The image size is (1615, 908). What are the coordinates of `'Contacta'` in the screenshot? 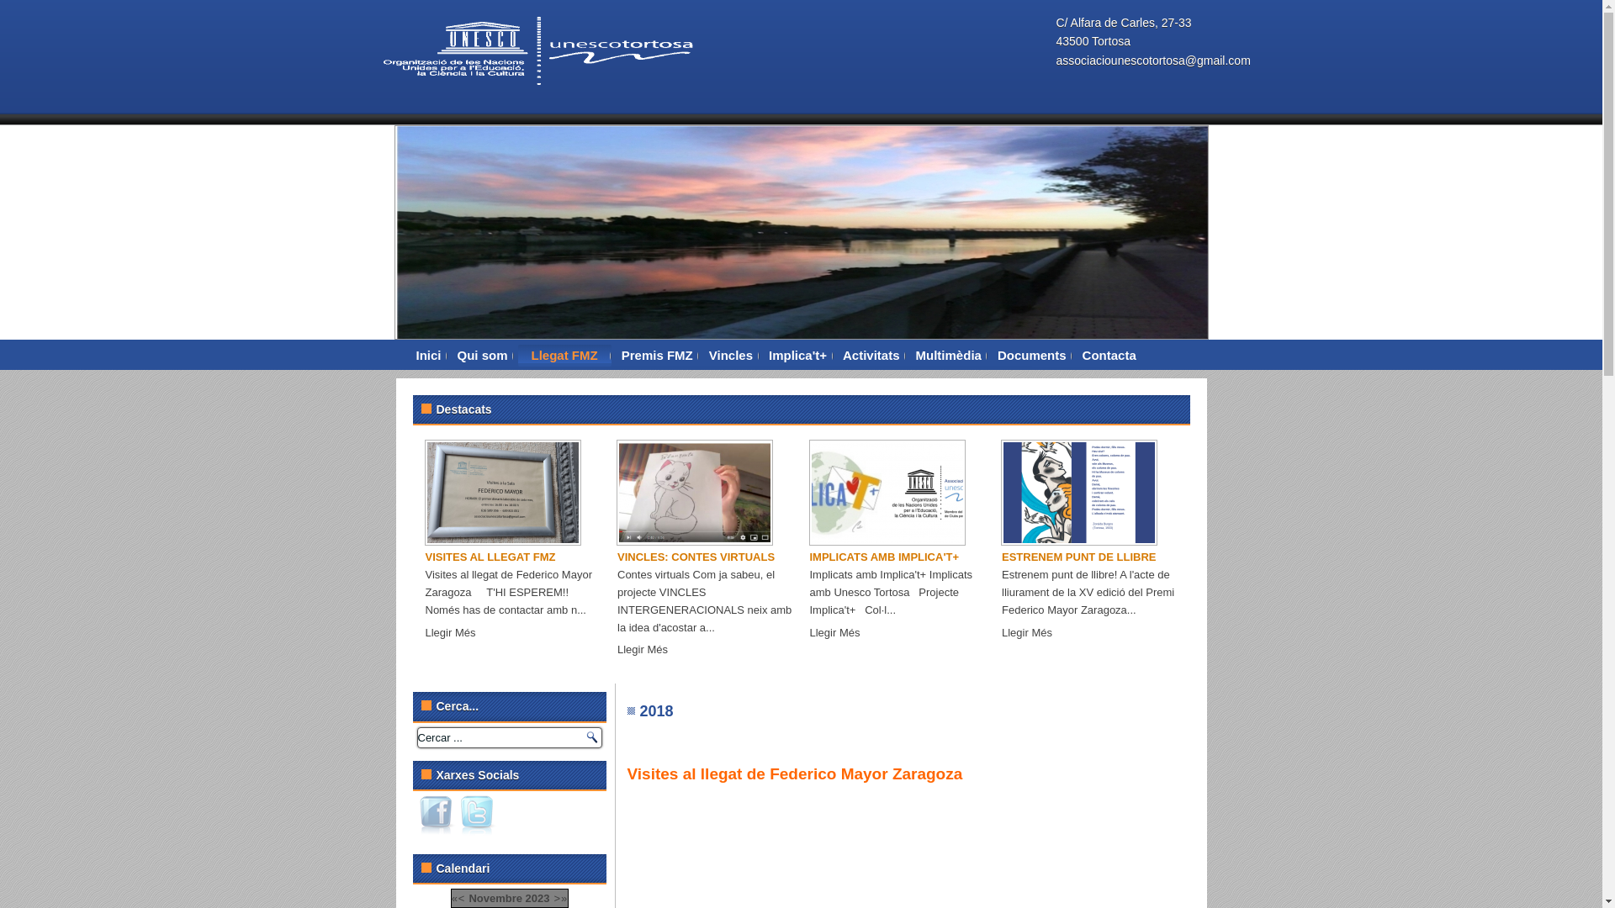 It's located at (1109, 355).